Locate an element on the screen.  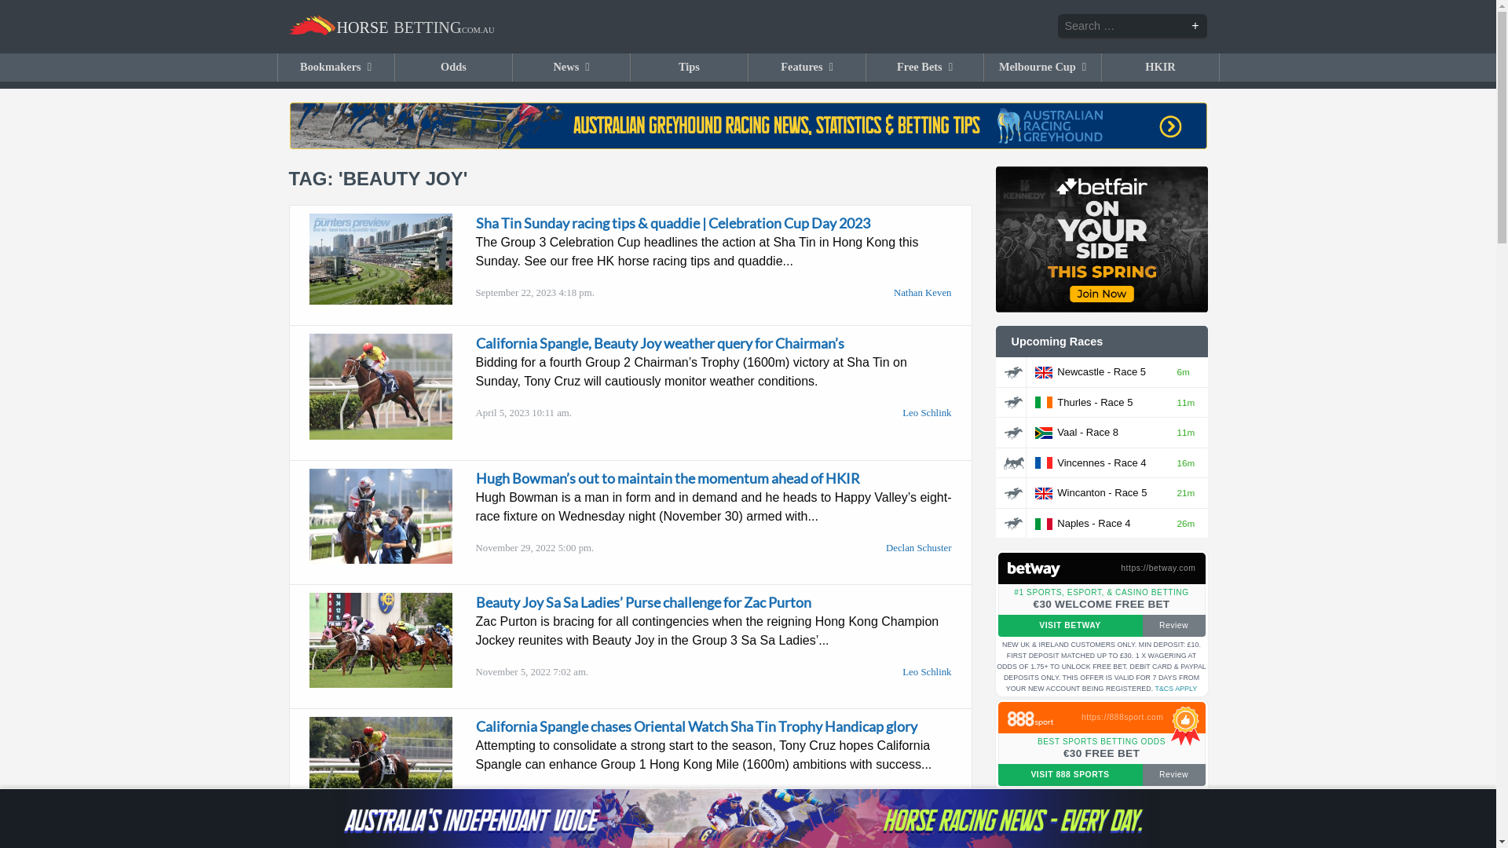
'Horse Betting' is located at coordinates (289, 25).